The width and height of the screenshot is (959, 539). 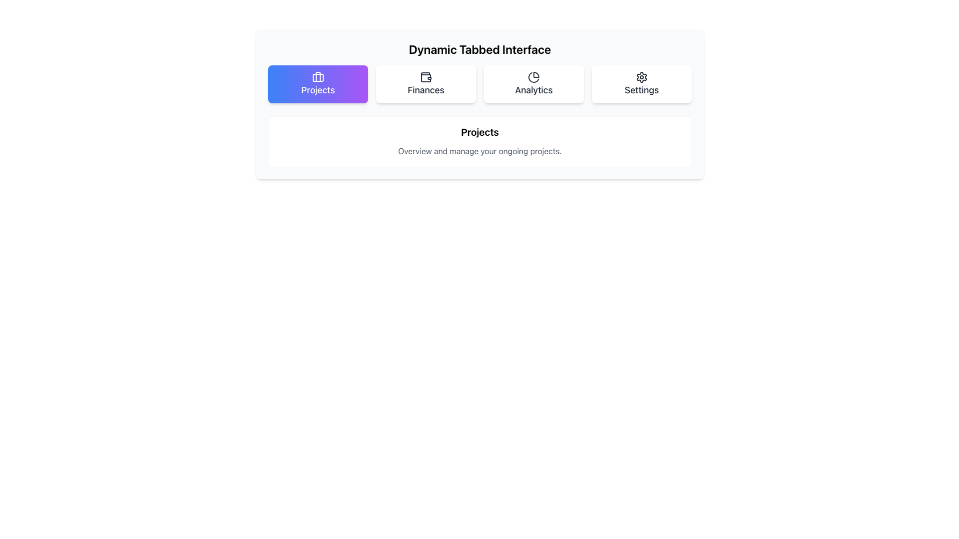 I want to click on the 'Analytics' text label located beneath the pie chart icon, so click(x=533, y=90).